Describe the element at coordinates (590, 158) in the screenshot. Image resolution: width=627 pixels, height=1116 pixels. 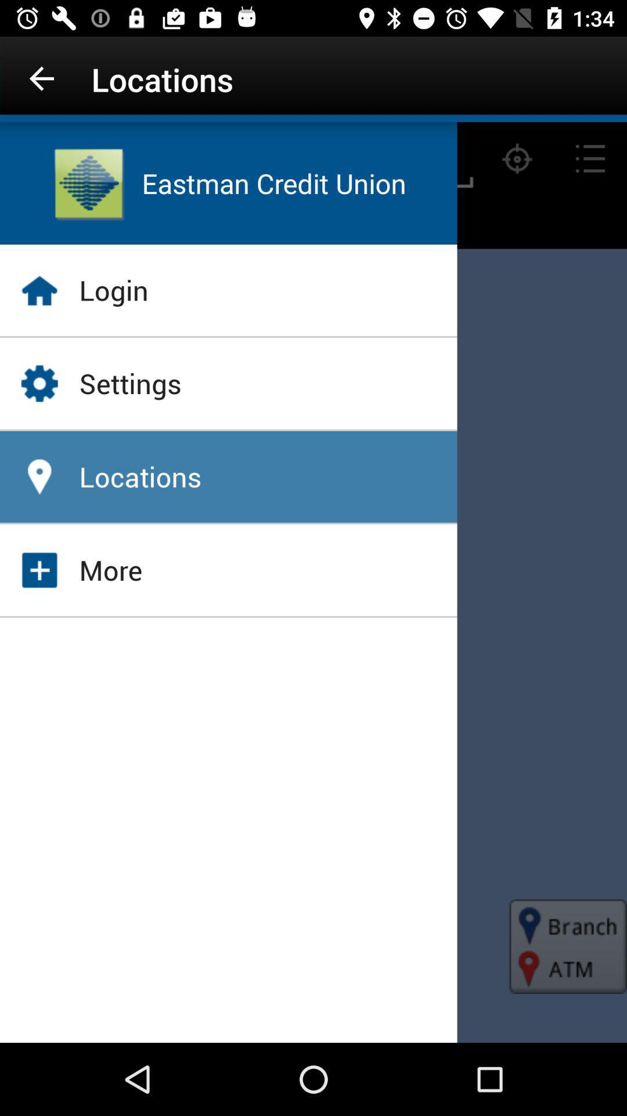
I see `the list icon` at that location.